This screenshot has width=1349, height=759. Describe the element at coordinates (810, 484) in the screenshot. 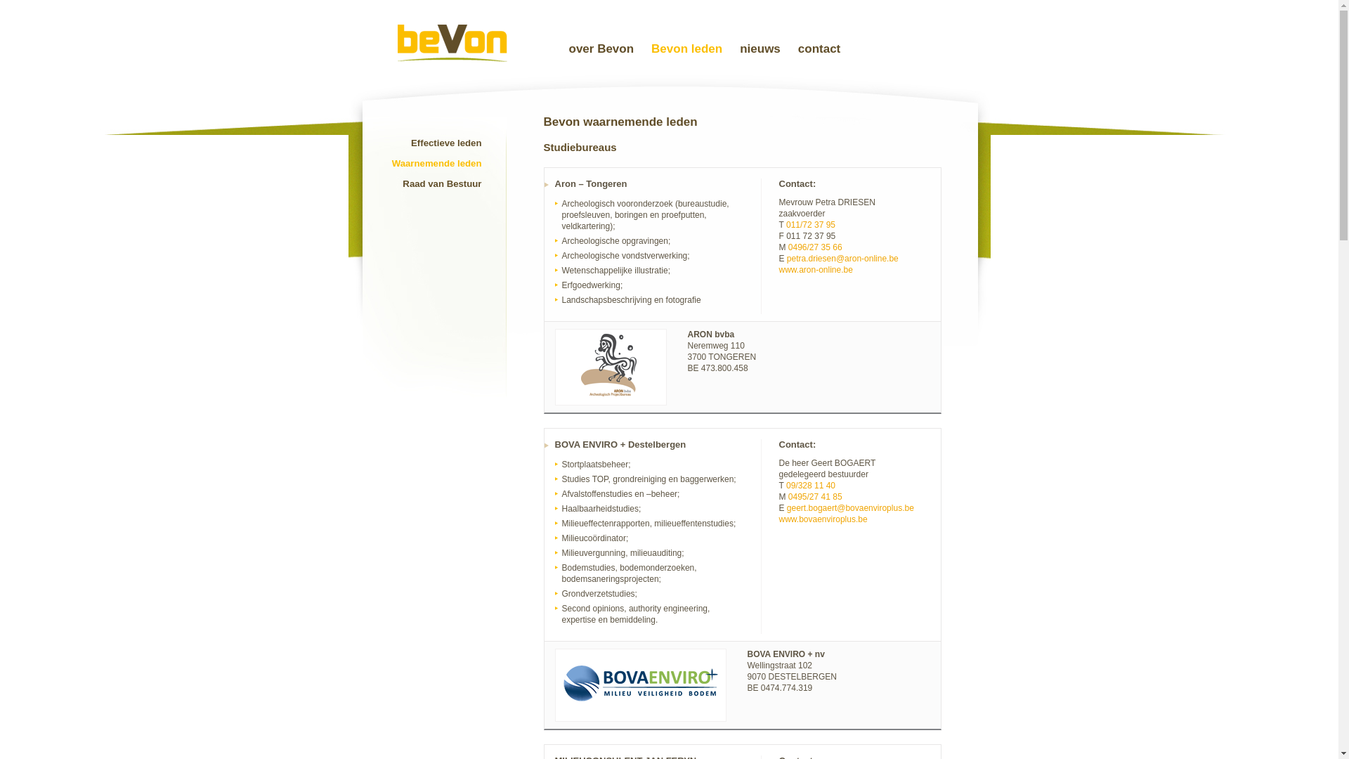

I see `'09/328 11 40'` at that location.